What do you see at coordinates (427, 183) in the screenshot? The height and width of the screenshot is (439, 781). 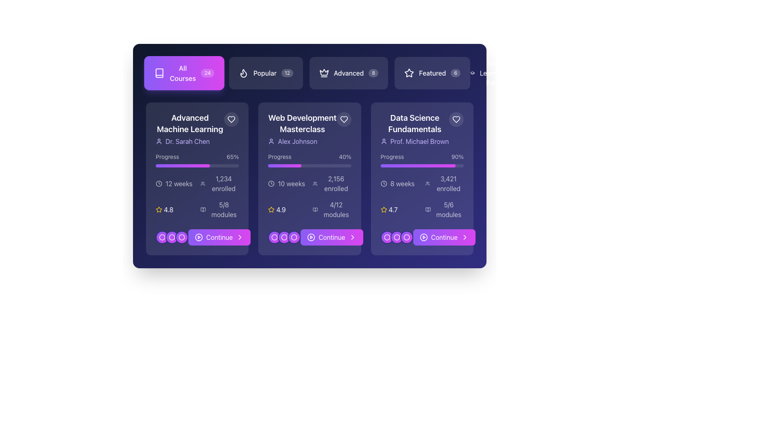 I see `the icon representing the number of participants enrolled in the course, located to the left of the text '3,421 enrolled' in the bottom-right card of the grid panel` at bounding box center [427, 183].